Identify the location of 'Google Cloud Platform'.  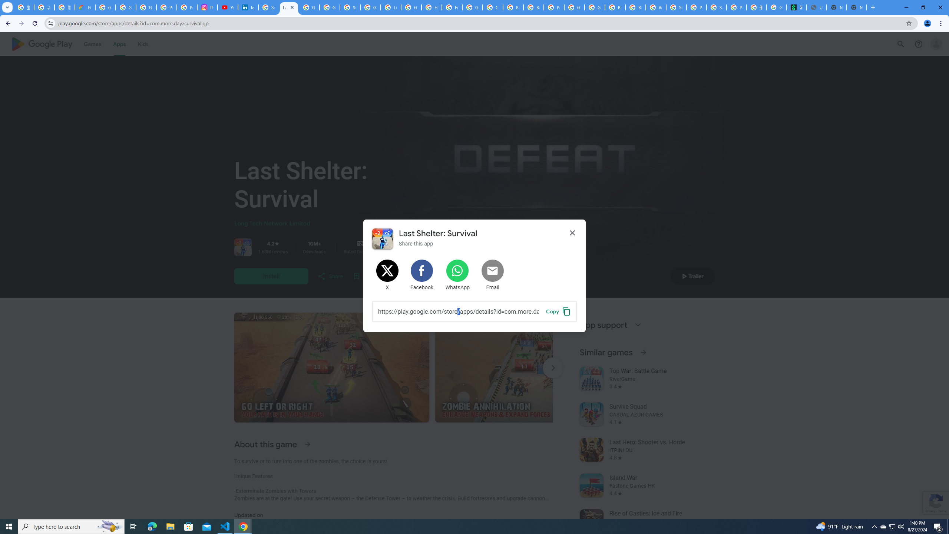
(574, 7).